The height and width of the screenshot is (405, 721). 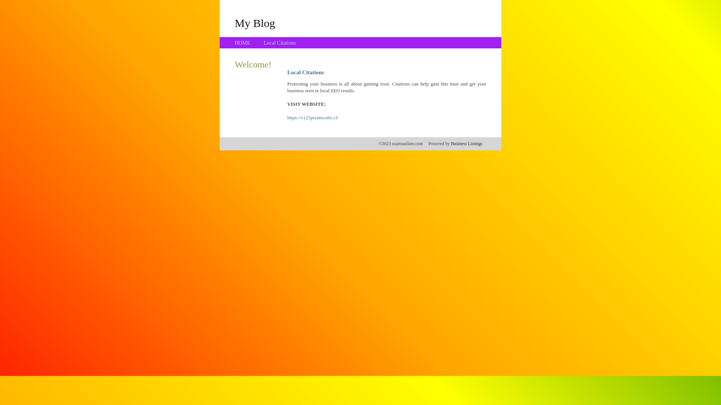 I want to click on 'HOME', so click(x=242, y=43).